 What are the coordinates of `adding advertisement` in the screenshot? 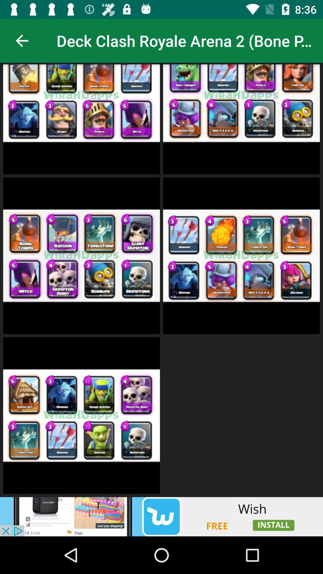 It's located at (161, 516).